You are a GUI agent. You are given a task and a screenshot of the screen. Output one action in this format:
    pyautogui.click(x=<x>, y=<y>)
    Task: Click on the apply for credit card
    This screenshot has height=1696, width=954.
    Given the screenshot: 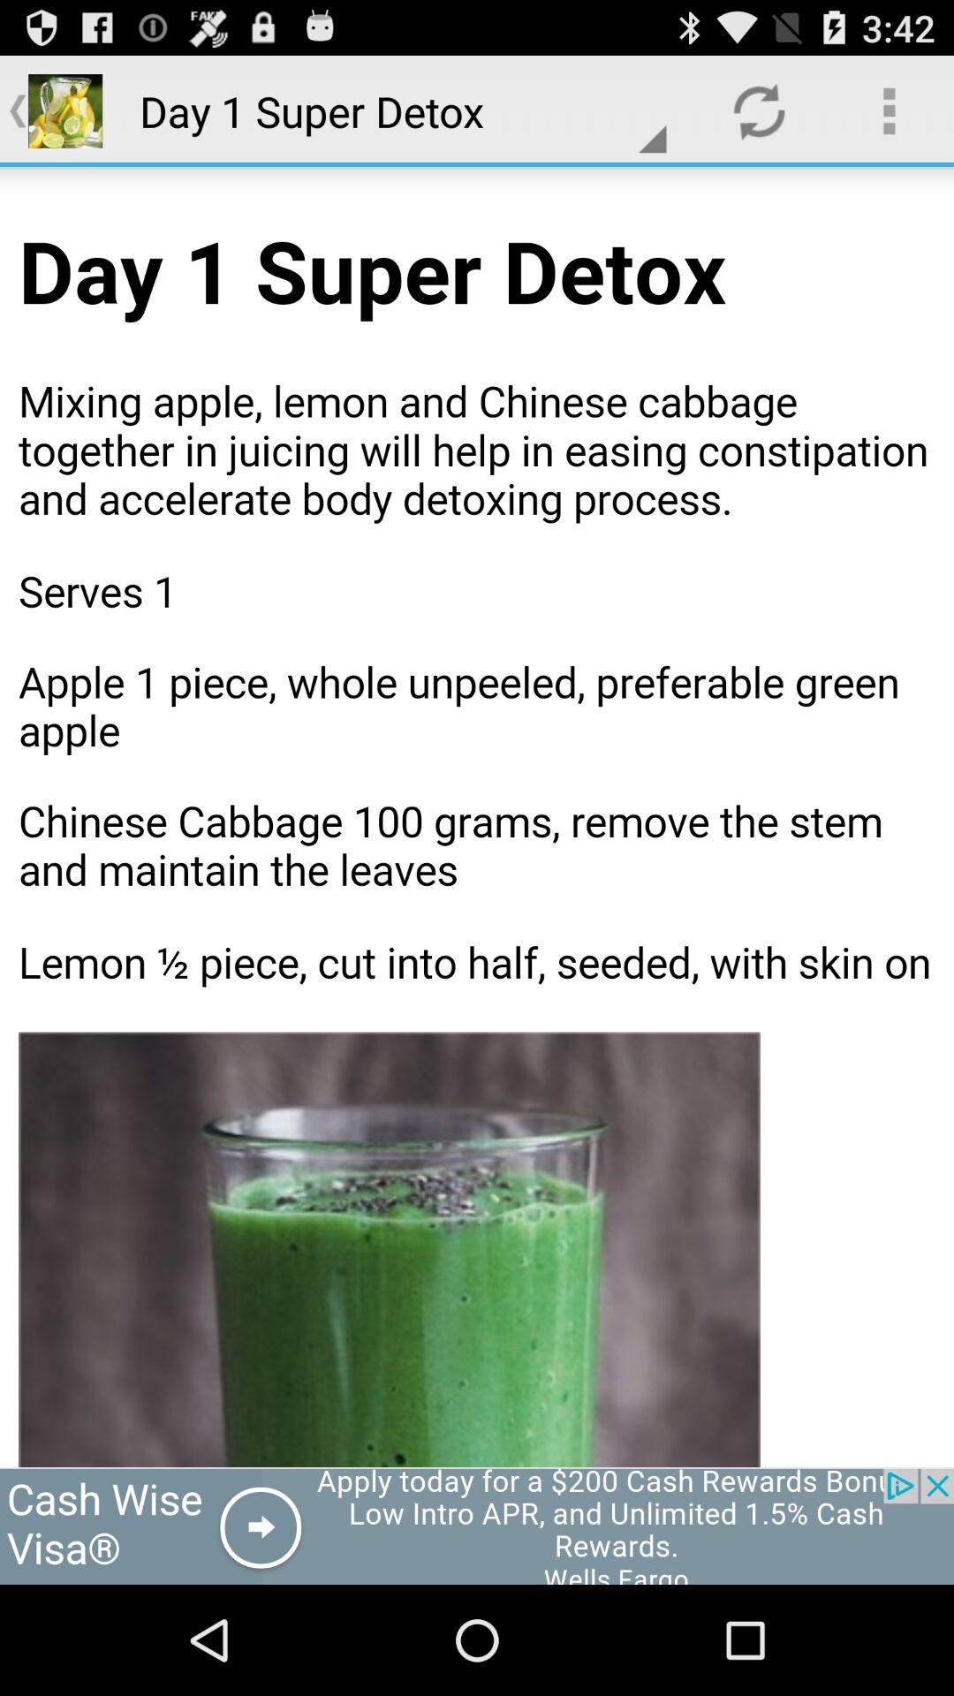 What is the action you would take?
    pyautogui.click(x=477, y=1526)
    